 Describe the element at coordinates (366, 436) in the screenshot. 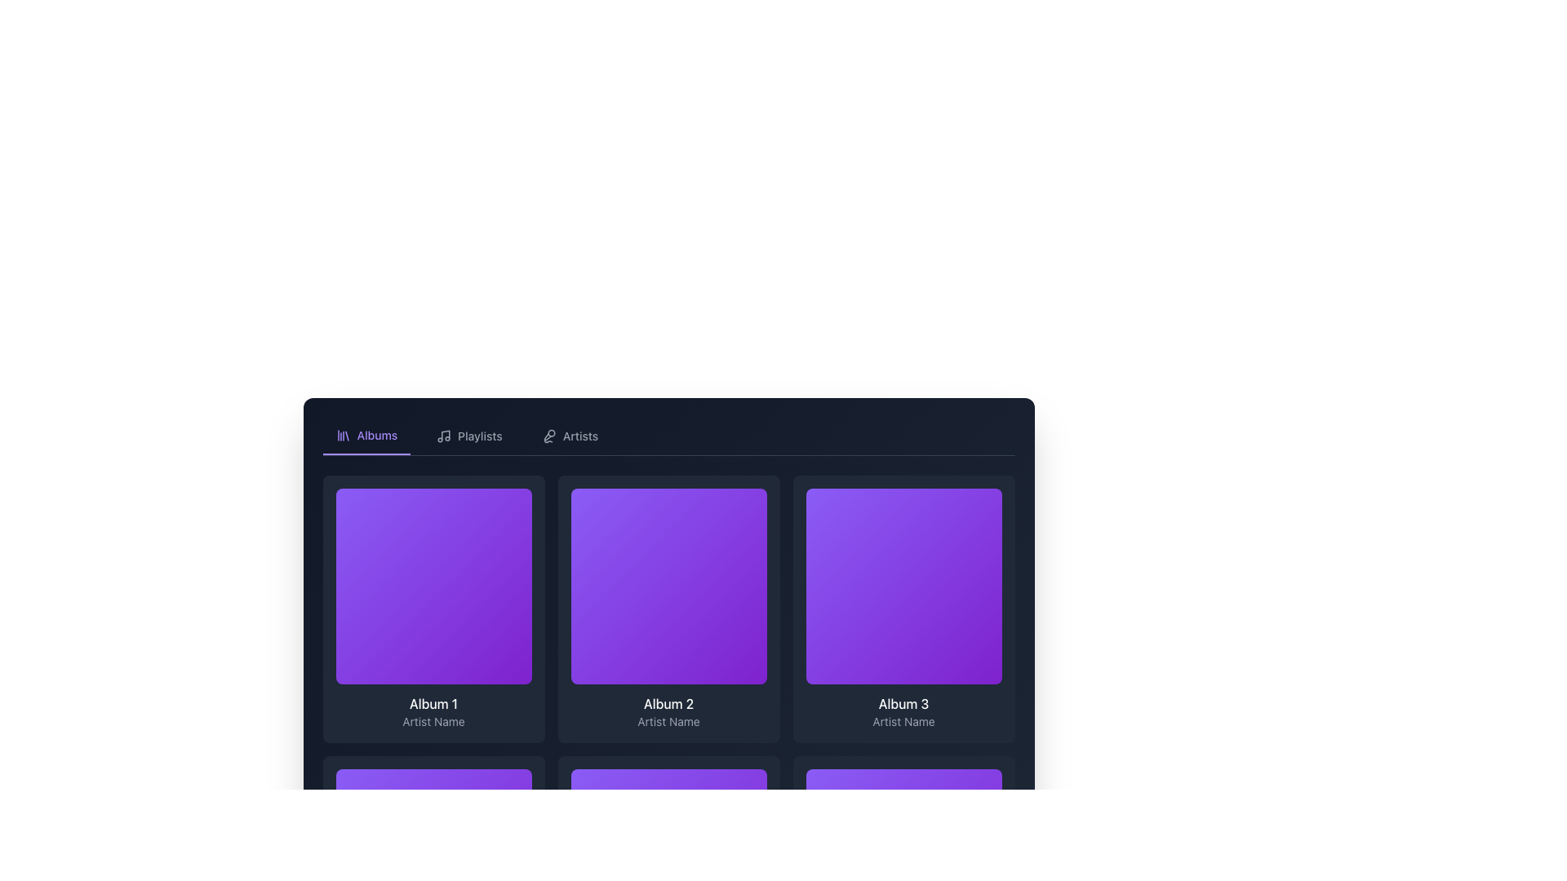

I see `the 'Albums' tab in the navigation bar` at that location.